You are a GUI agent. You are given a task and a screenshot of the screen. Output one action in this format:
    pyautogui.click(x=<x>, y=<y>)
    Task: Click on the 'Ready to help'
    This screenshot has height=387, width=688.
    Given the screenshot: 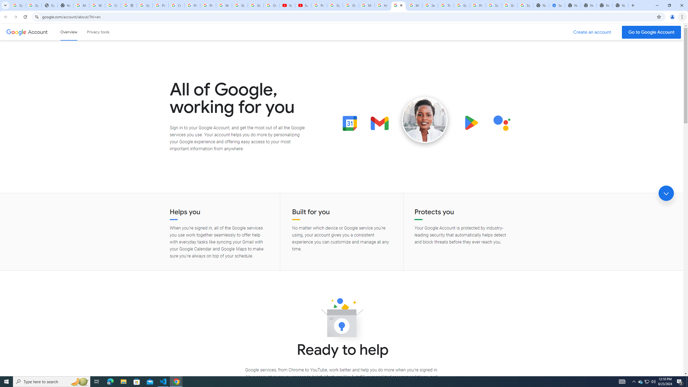 What is the action you would take?
    pyautogui.click(x=342, y=319)
    